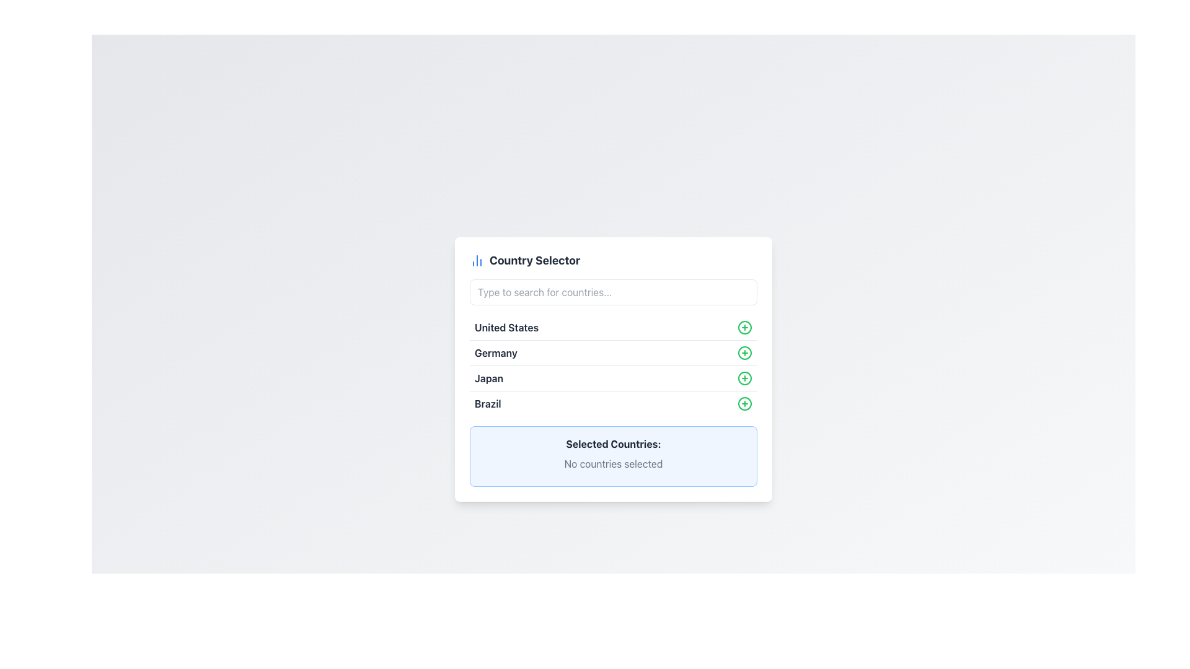 The height and width of the screenshot is (669, 1190). I want to click on the list item representing 'Brazil' in the country selector, so click(613, 403).